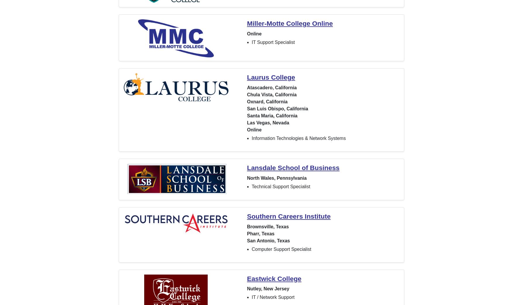  I want to click on 'Information Technologies & Network Systems', so click(298, 138).